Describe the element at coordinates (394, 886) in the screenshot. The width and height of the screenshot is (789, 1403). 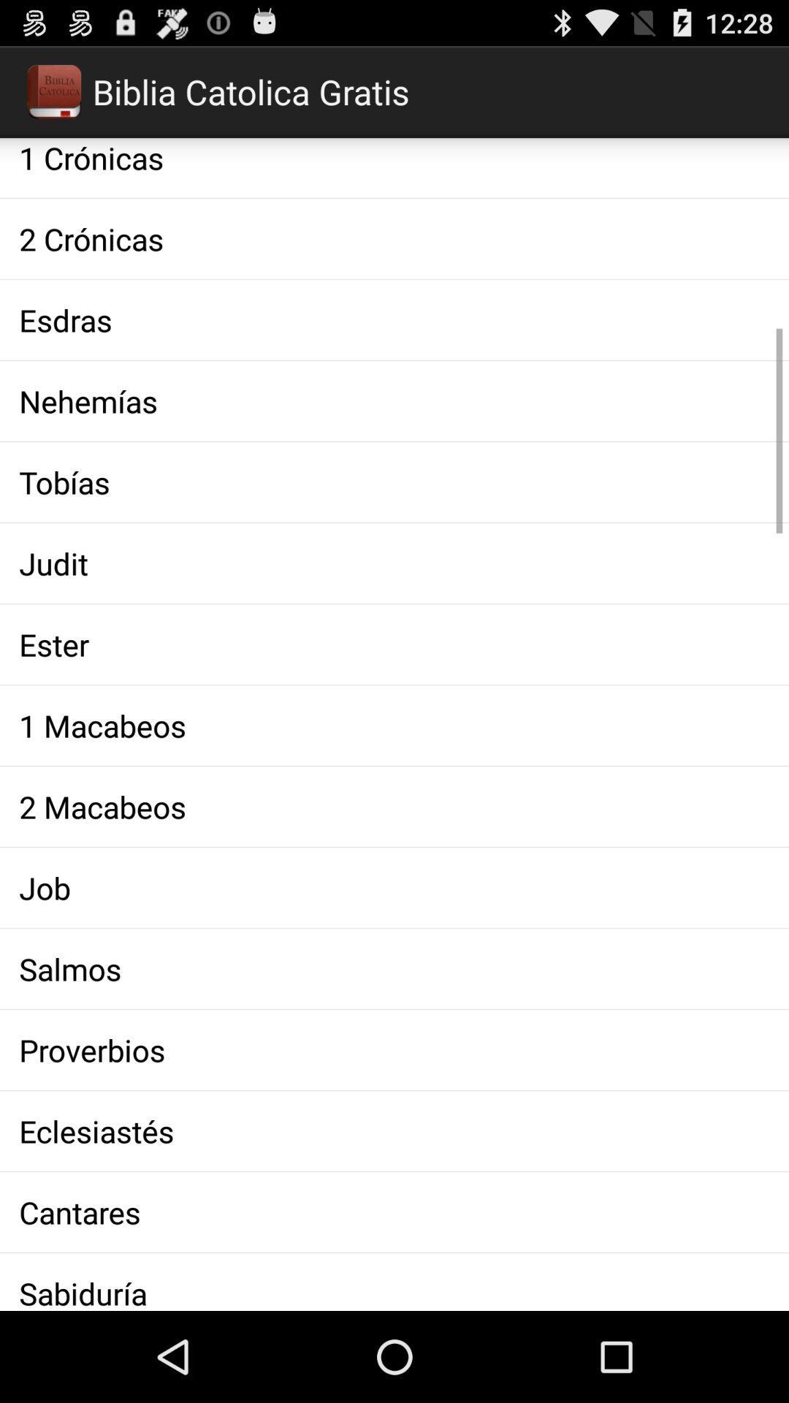
I see `the item above the salmos icon` at that location.